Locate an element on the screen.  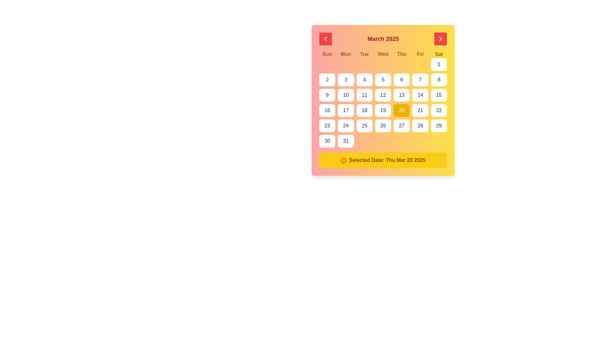
the square button with rounded corners displaying the number '11' is located at coordinates (364, 95).